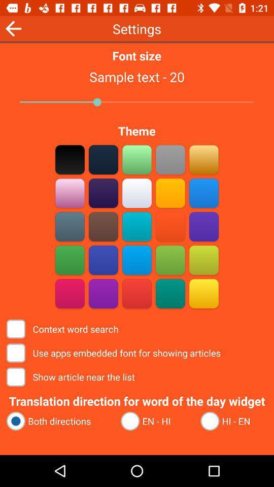 The width and height of the screenshot is (274, 487). I want to click on blue square, so click(203, 193).